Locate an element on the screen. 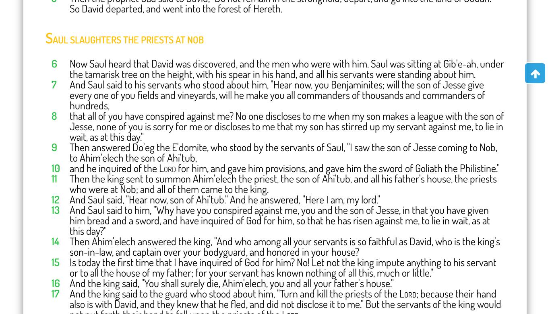  'And Saul said to him, "Why have you conspired against me, you and the son of Jesse, in that you have given him bread and a sword, and have inquired of God for him, so that he has risen against me, to lie in wait, as at this day?"' is located at coordinates (280, 220).